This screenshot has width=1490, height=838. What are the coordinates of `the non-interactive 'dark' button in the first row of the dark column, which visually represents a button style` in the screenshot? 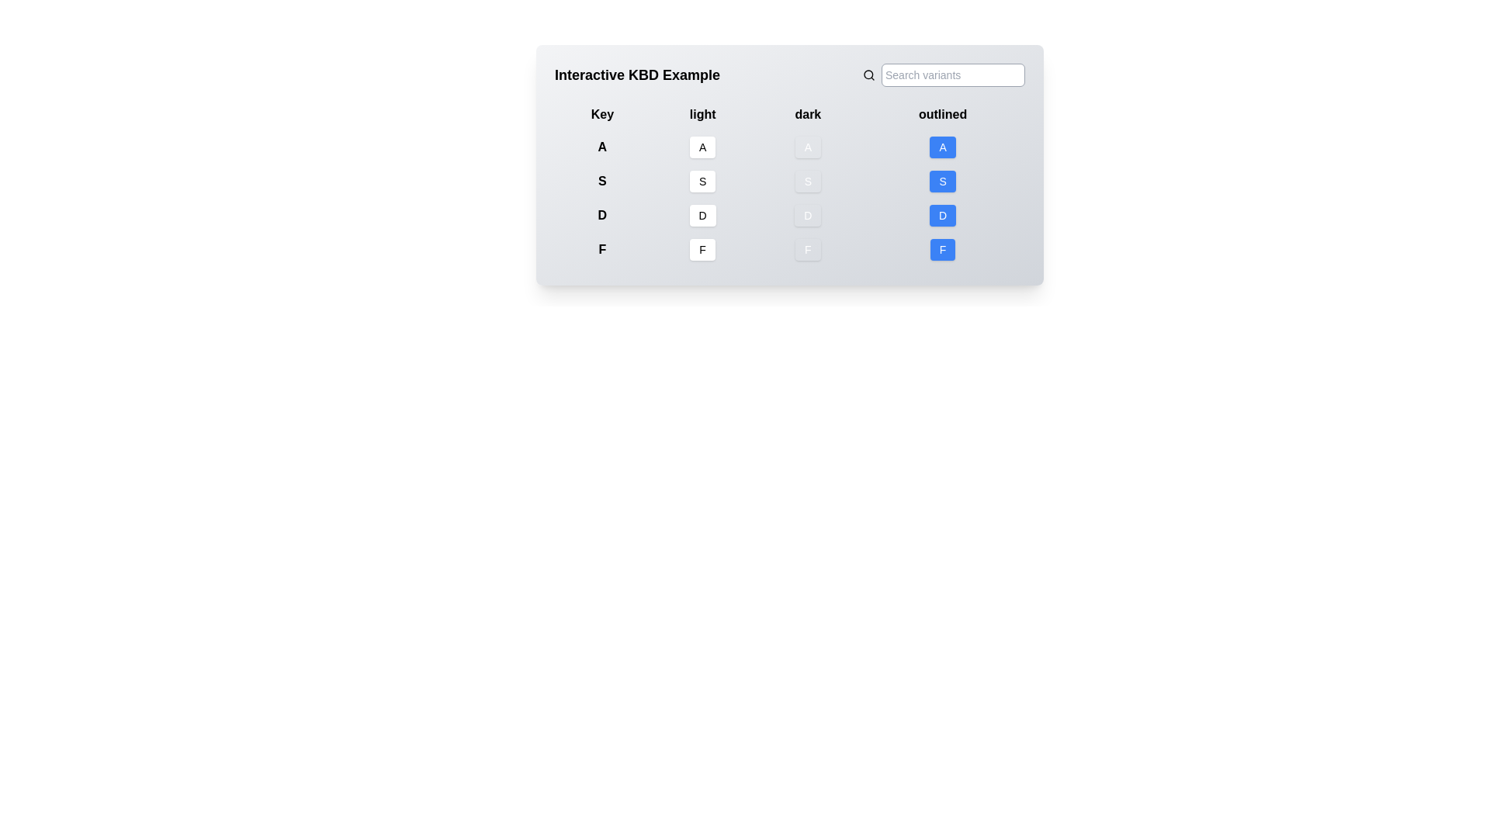 It's located at (807, 147).